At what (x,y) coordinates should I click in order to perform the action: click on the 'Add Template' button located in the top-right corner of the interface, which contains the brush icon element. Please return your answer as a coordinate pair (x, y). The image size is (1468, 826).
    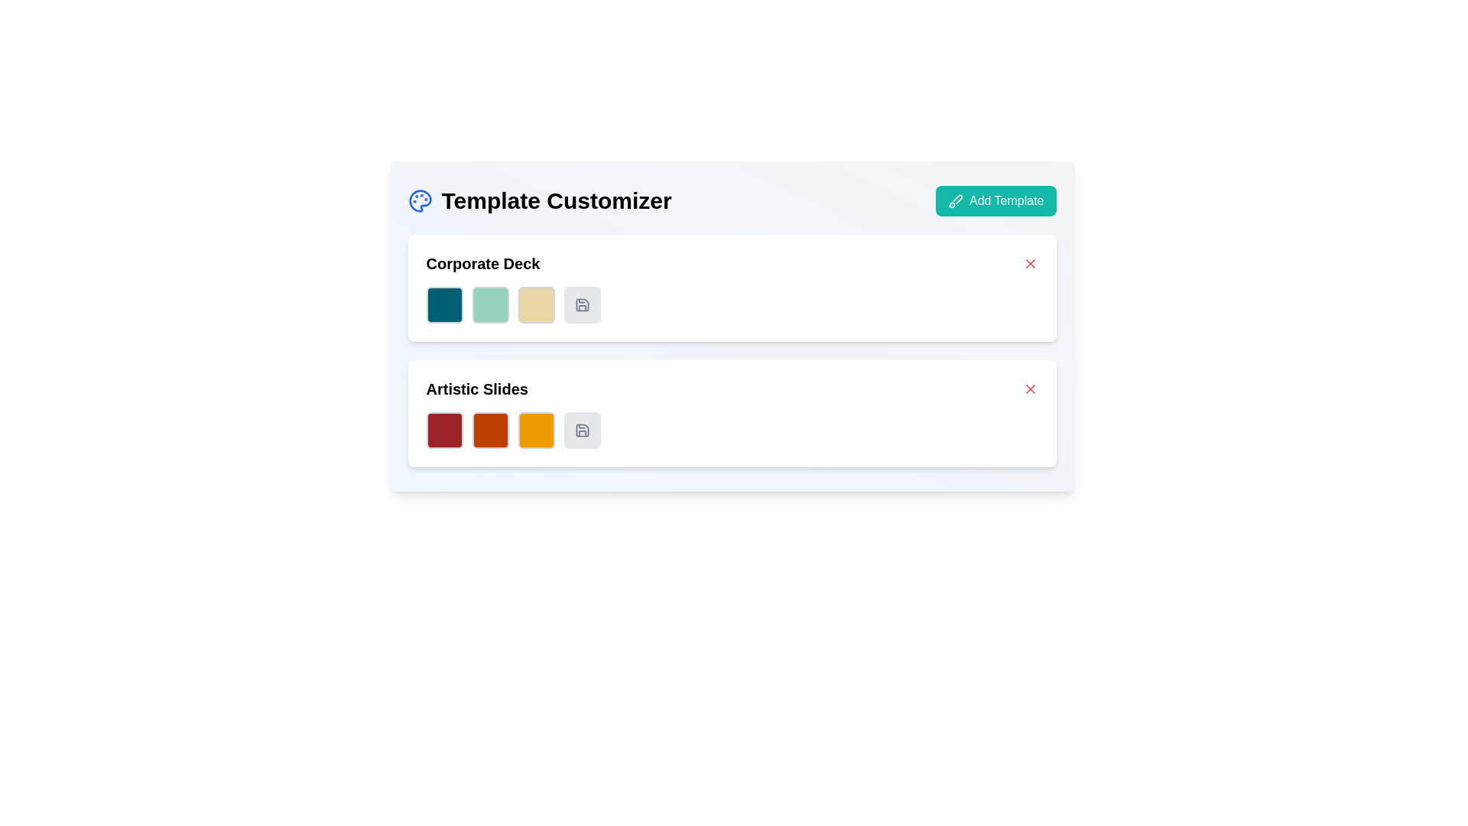
    Looking at the image, I should click on (956, 198).